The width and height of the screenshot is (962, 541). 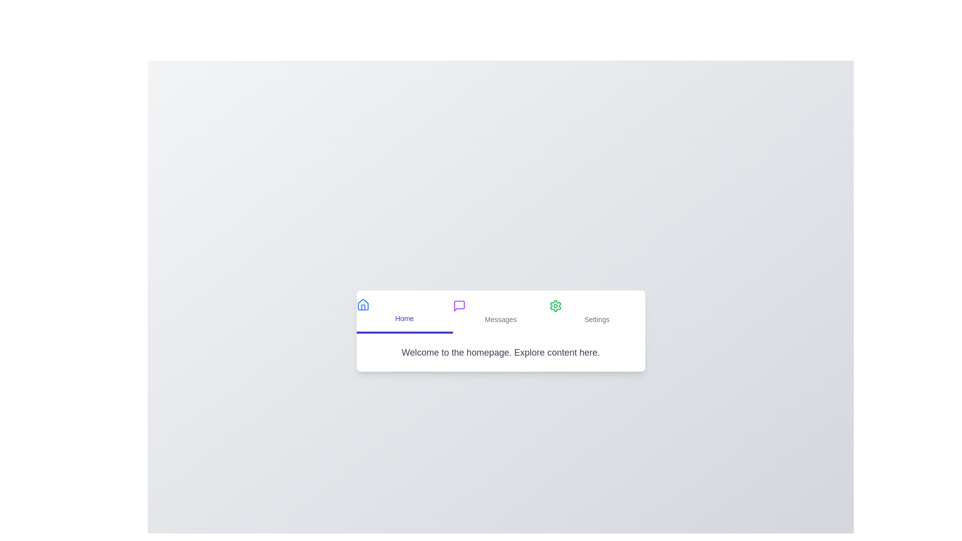 I want to click on the tab labeled Messages, so click(x=501, y=312).